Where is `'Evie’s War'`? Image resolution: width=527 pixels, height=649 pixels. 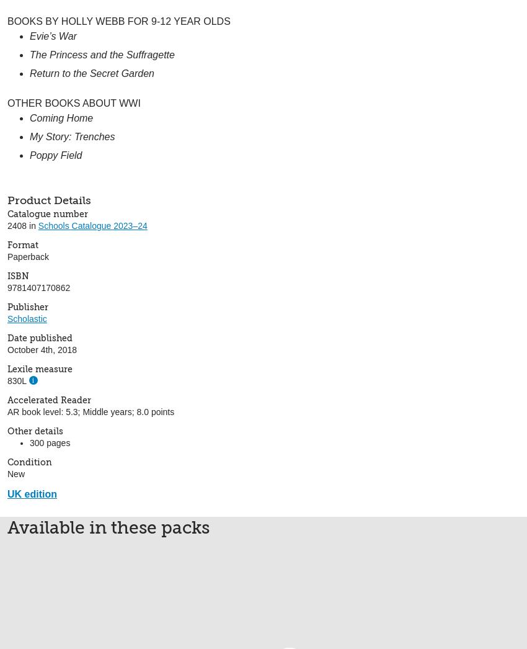 'Evie’s War' is located at coordinates (53, 35).